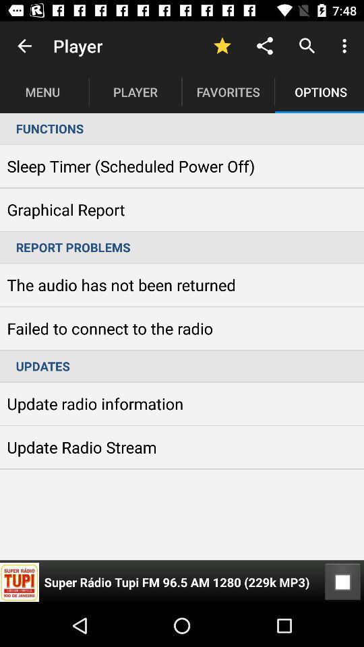  I want to click on item above options, so click(346, 46).